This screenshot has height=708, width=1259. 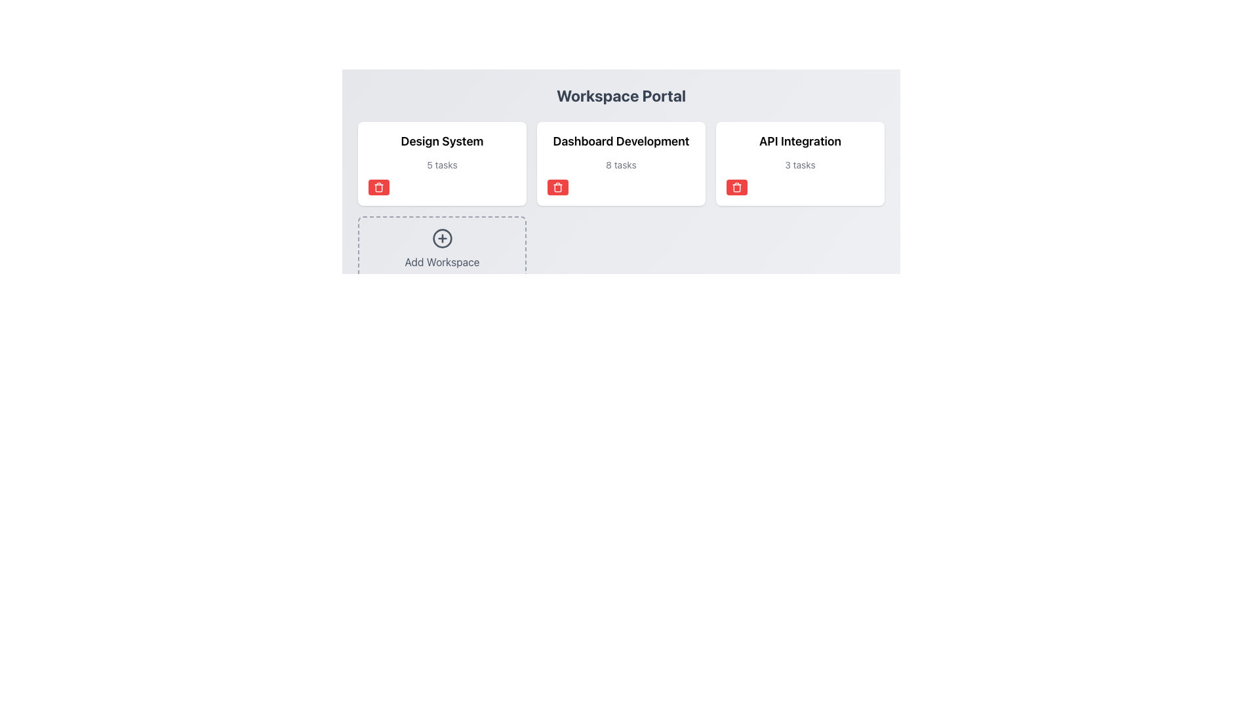 What do you see at coordinates (799, 163) in the screenshot?
I see `the Group panel representing the 'API Integration' task group, which provides a summary of tasks and includes a trash icon for deletion` at bounding box center [799, 163].